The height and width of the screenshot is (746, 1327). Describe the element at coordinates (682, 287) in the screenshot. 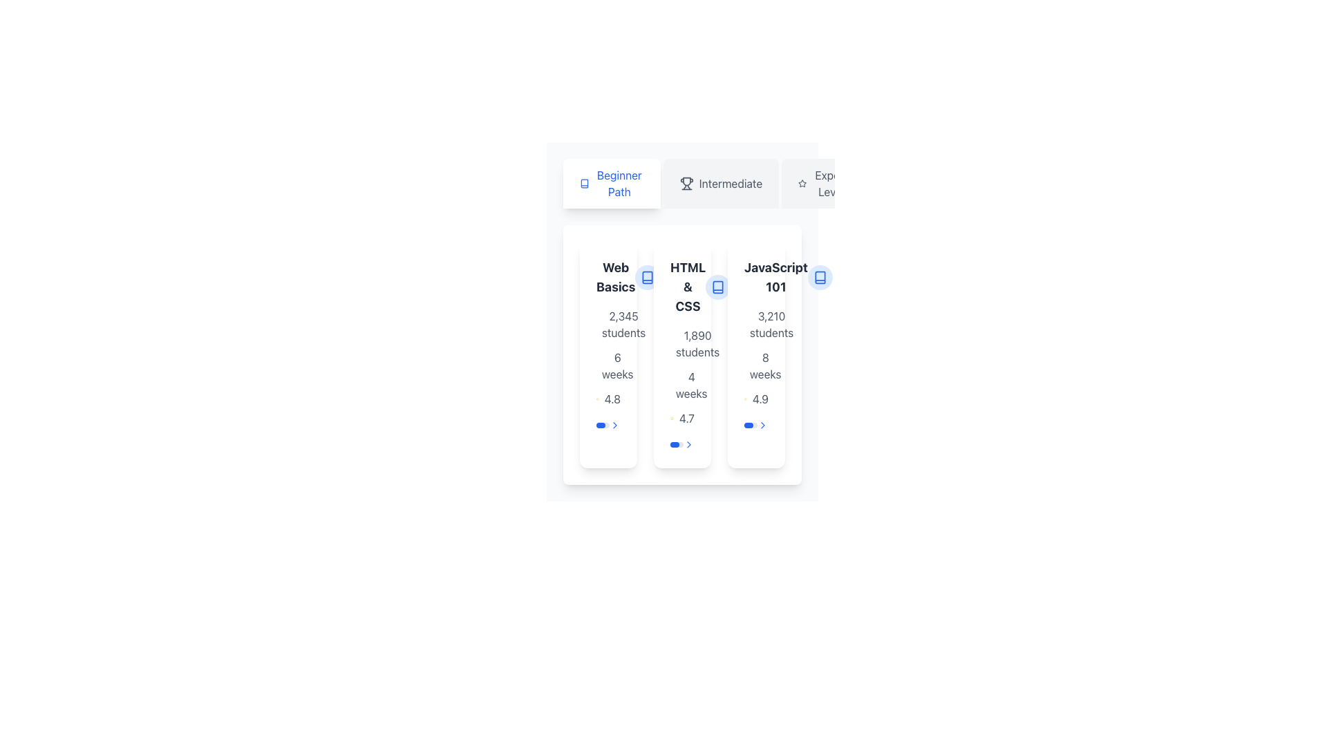

I see `text of the Text Label displaying 'HTML & CSS' in bold at the top center of the second card in a set of three cards` at that location.